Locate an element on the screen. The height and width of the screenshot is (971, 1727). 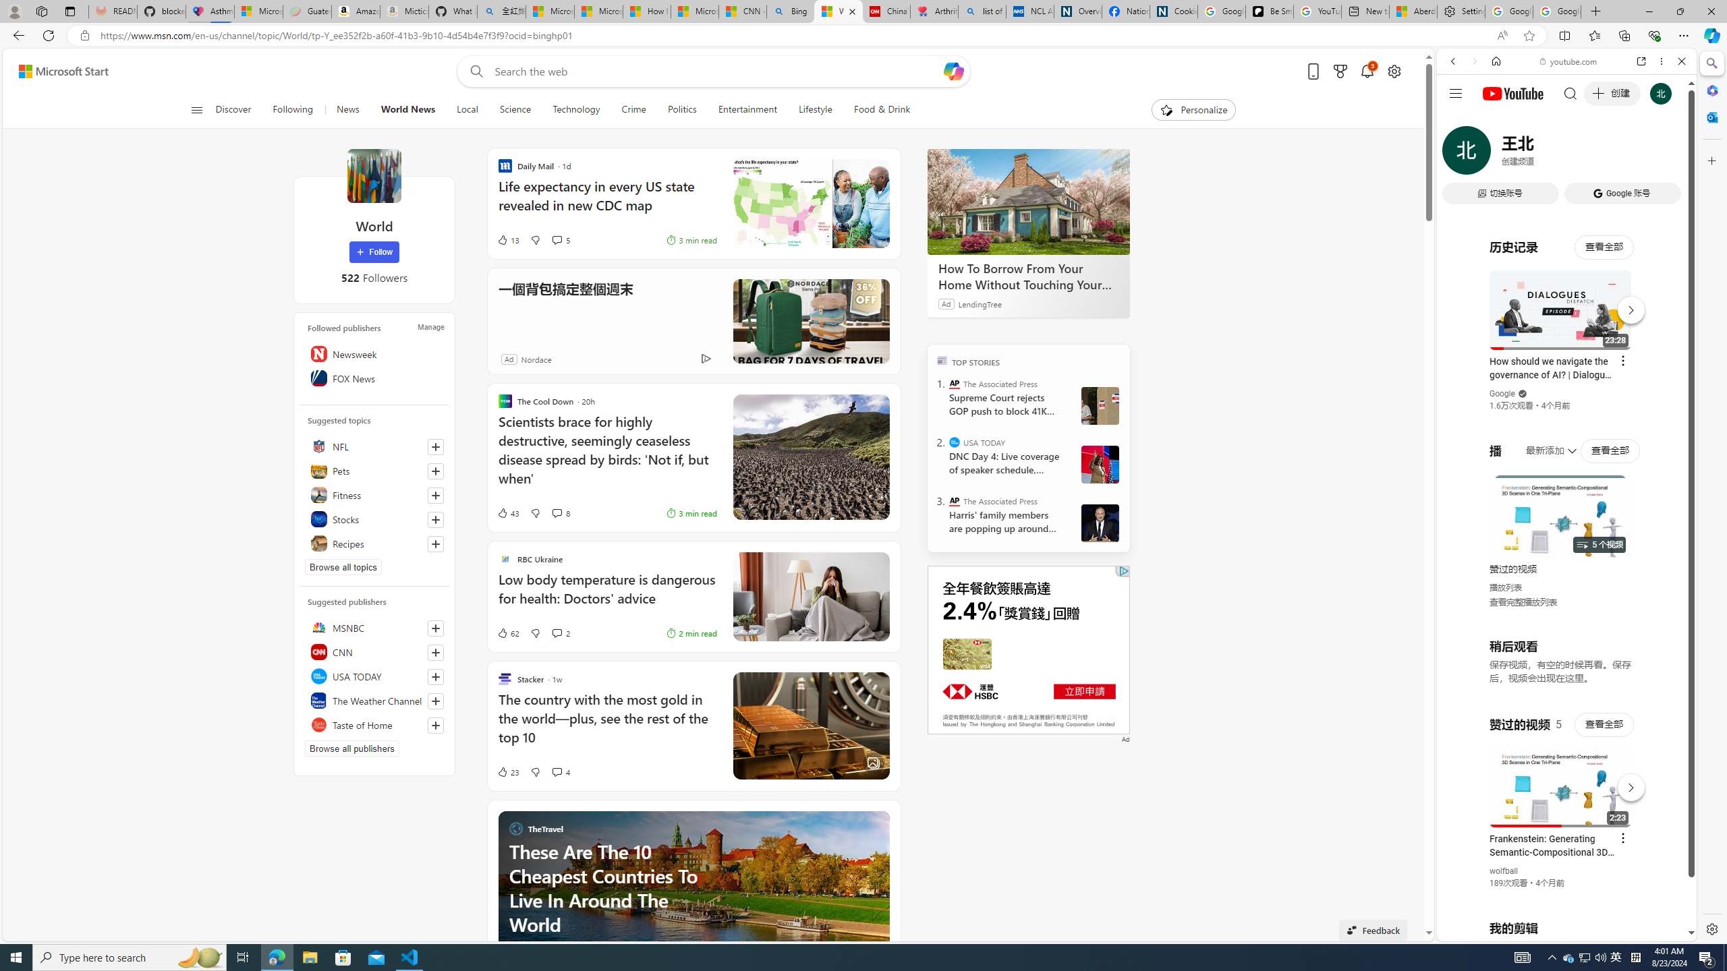
'#you' is located at coordinates (1561, 781).